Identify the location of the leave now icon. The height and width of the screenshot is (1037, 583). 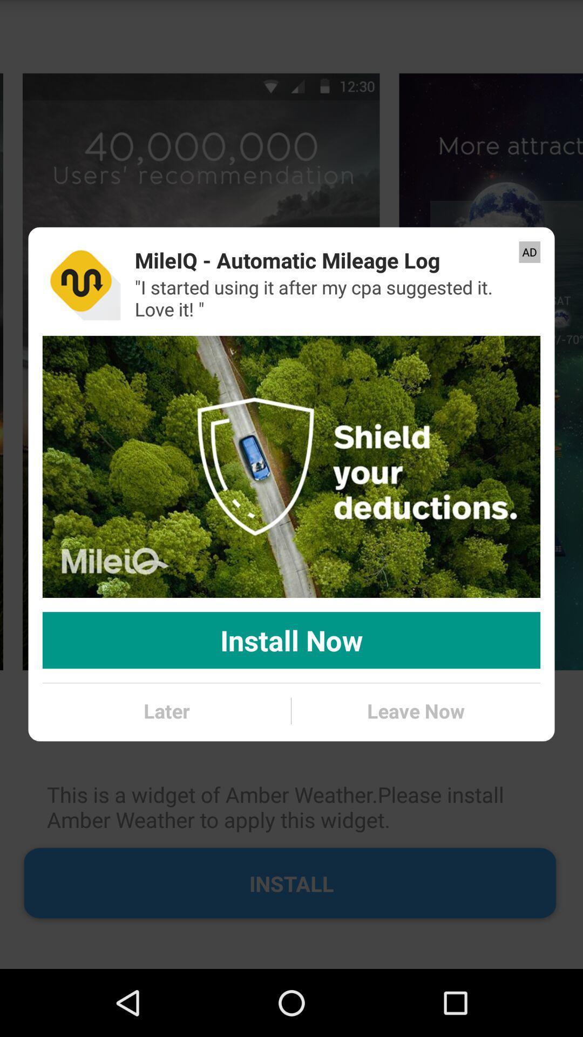
(415, 711).